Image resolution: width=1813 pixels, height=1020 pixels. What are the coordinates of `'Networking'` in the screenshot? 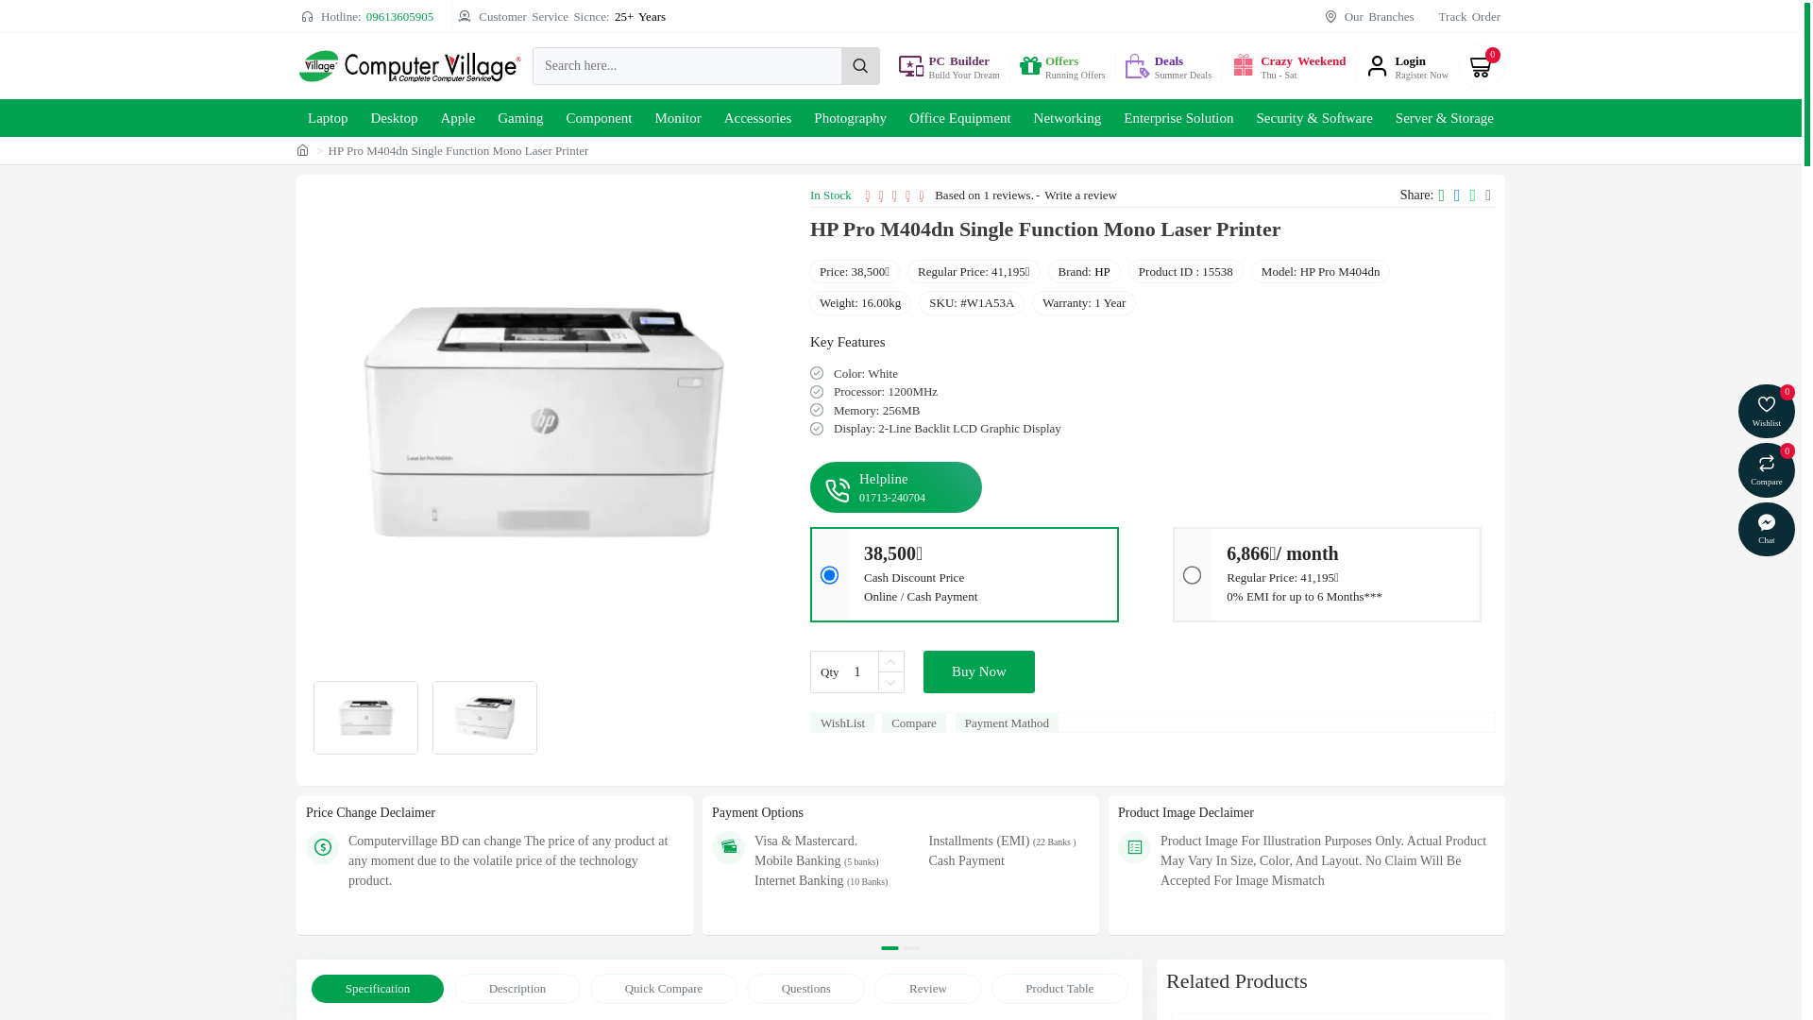 It's located at (1068, 117).